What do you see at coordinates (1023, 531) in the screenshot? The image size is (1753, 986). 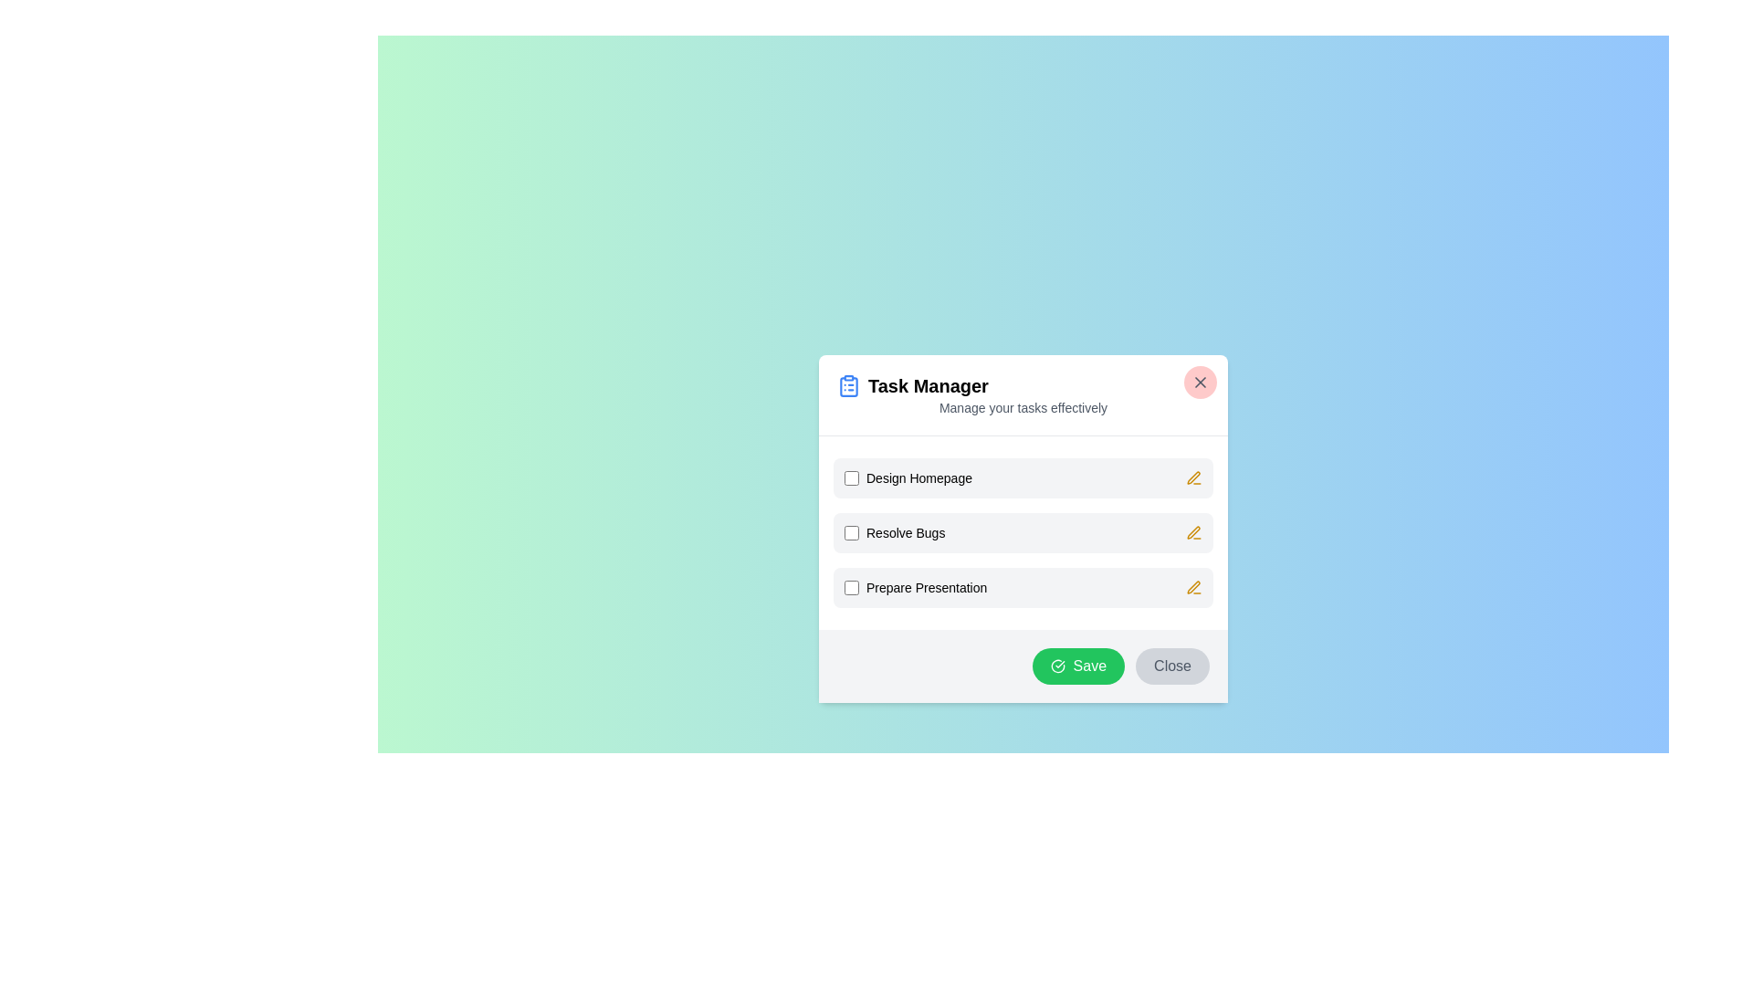 I see `the checkbox of the task titled 'Resolve Bugs' to mark it as completed` at bounding box center [1023, 531].